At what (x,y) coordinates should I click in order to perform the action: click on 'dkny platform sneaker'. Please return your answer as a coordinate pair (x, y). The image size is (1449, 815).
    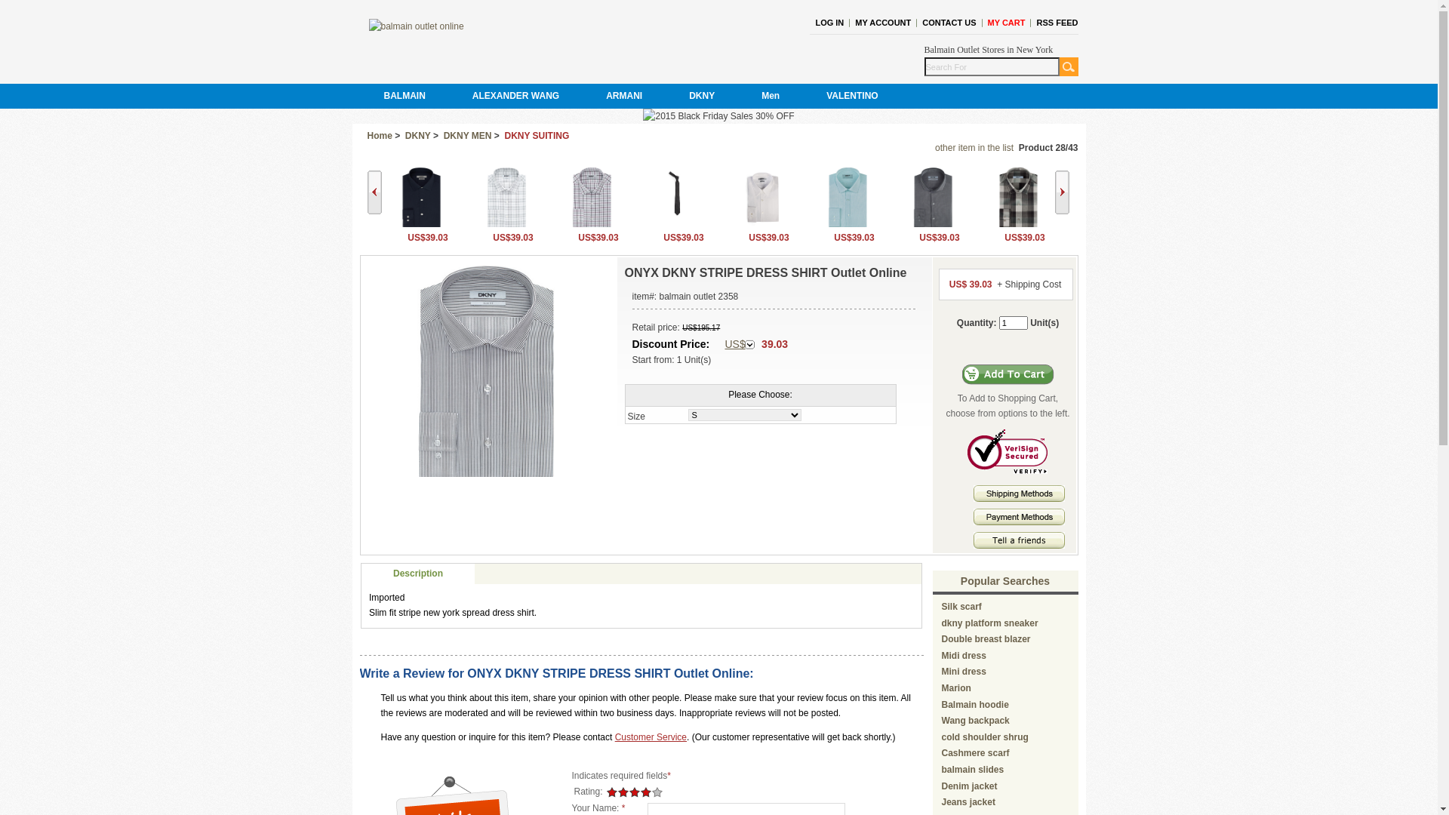
    Looking at the image, I should click on (941, 623).